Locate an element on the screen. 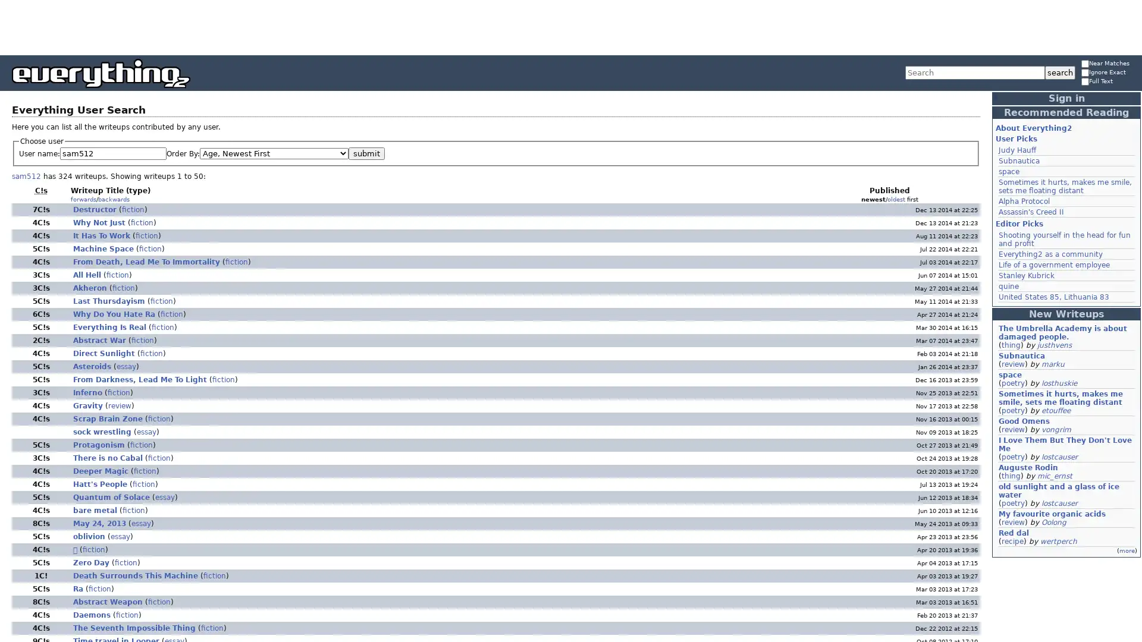 The height and width of the screenshot is (642, 1142). submit is located at coordinates (365, 153).